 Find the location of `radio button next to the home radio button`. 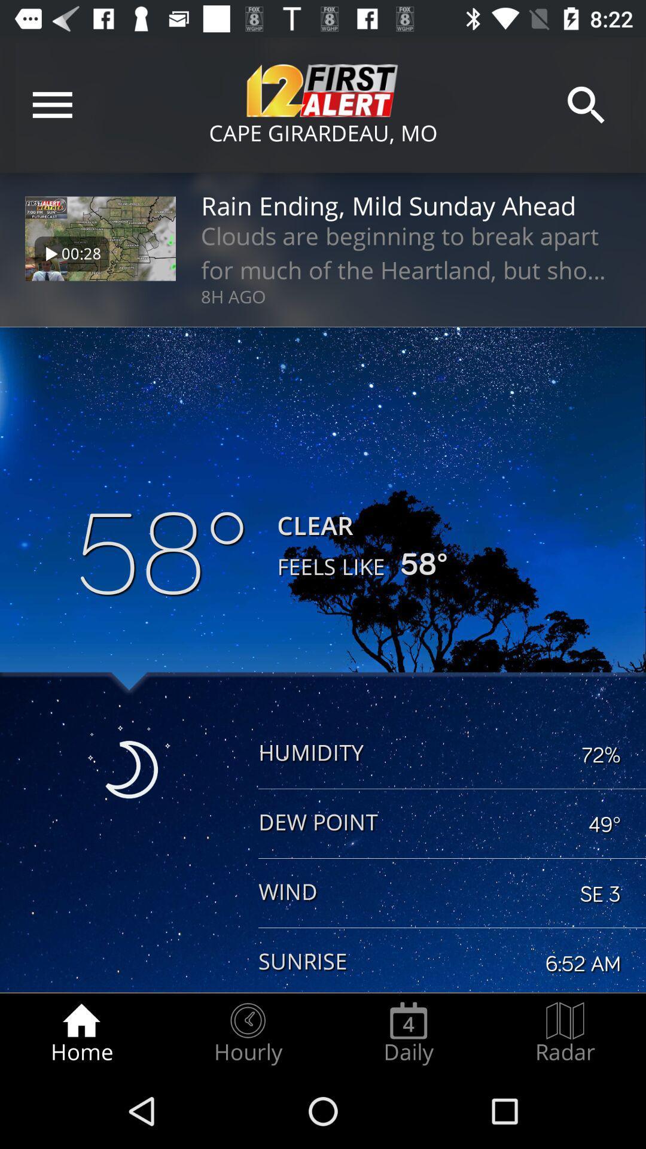

radio button next to the home radio button is located at coordinates (247, 1033).